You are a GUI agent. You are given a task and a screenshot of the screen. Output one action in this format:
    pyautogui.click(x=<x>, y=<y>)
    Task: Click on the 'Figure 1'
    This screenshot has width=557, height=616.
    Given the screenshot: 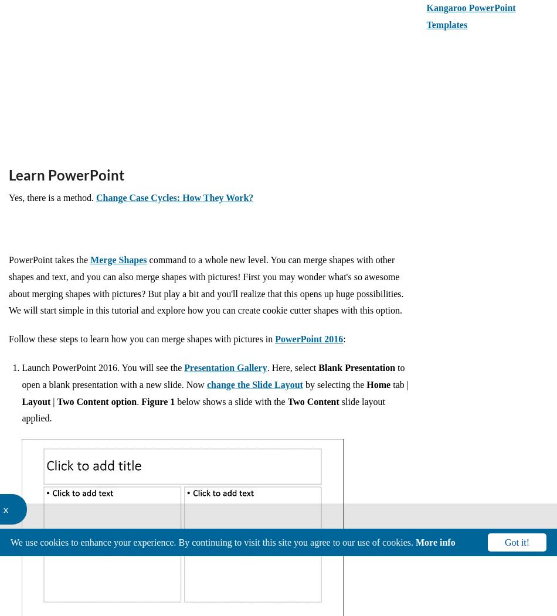 What is the action you would take?
    pyautogui.click(x=157, y=401)
    